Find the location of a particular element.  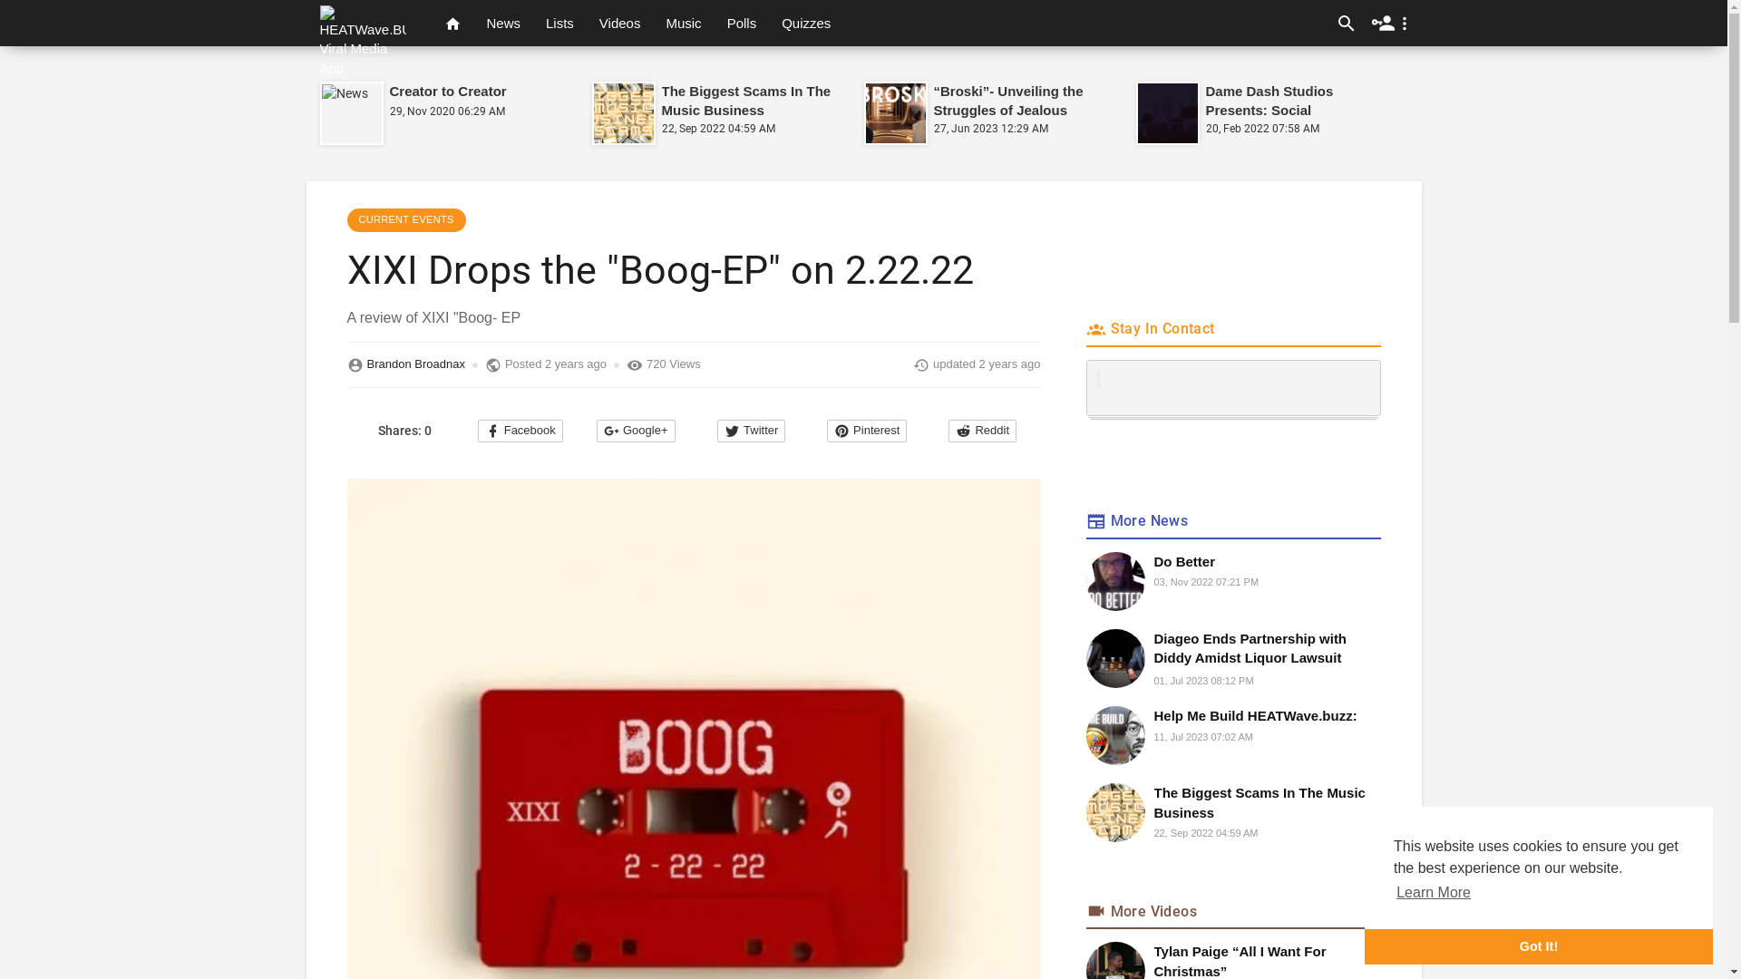

'Reddit' is located at coordinates (981, 431).